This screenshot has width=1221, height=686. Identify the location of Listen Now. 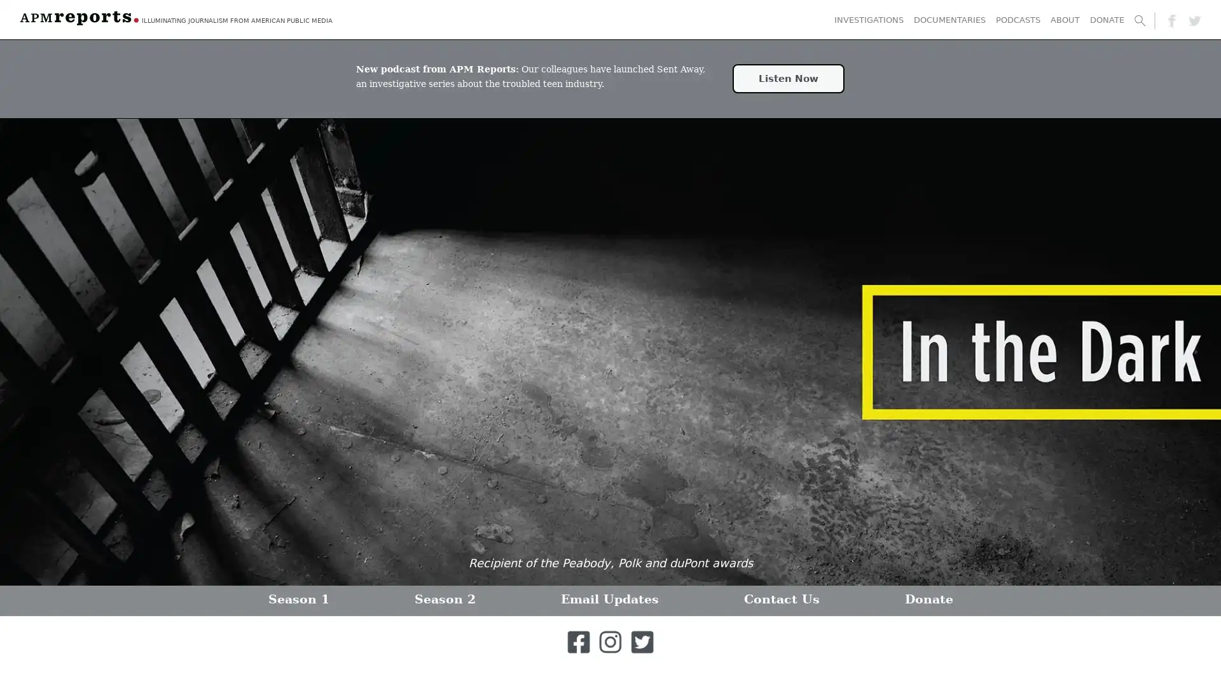
(787, 78).